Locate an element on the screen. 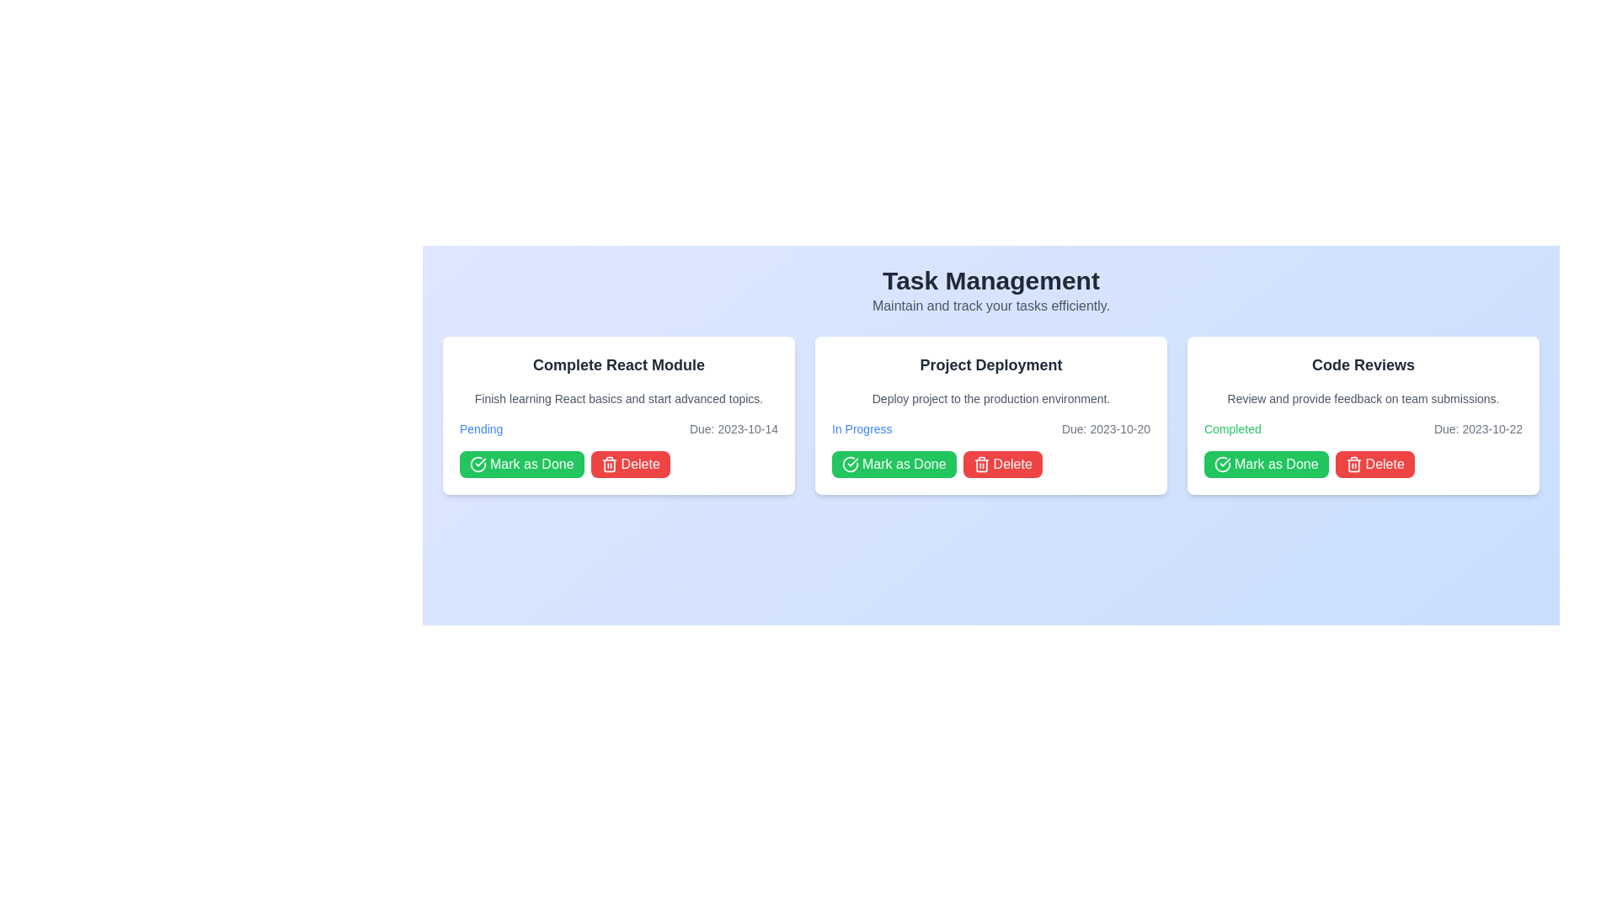  the delete icon located within the red 'Delete' button at the bottom-right corner of the card component is located at coordinates (1353, 464).